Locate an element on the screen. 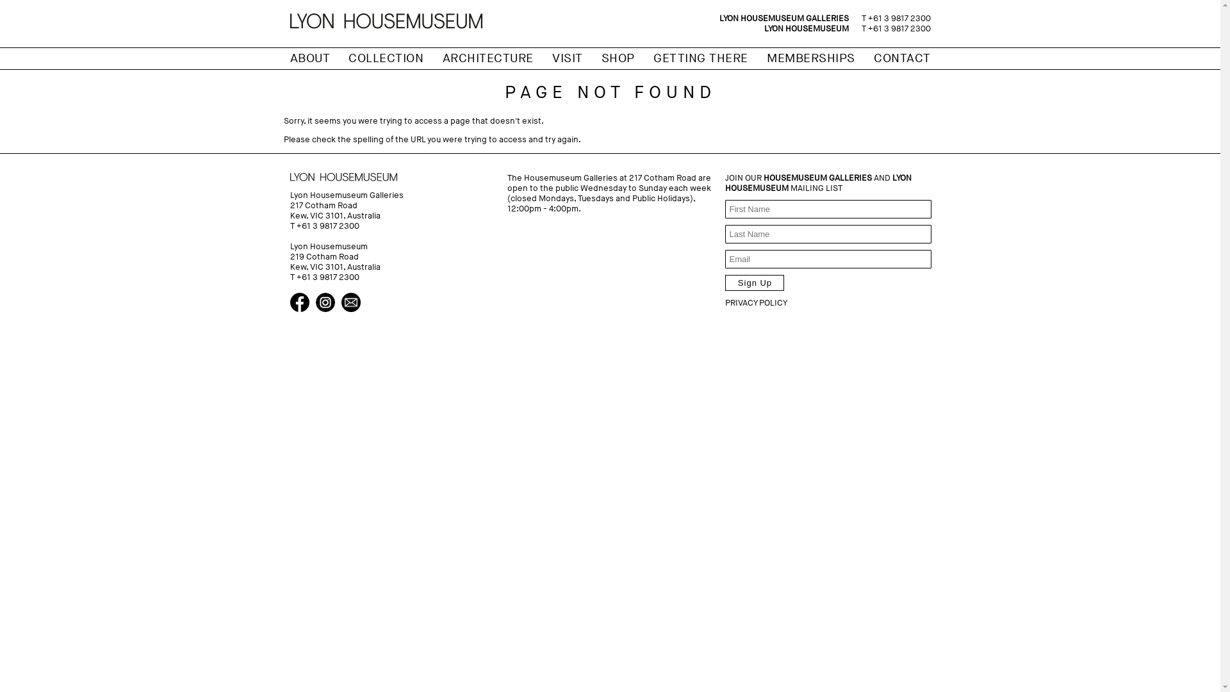 Image resolution: width=1230 pixels, height=692 pixels. 'VISIT' is located at coordinates (567, 58).